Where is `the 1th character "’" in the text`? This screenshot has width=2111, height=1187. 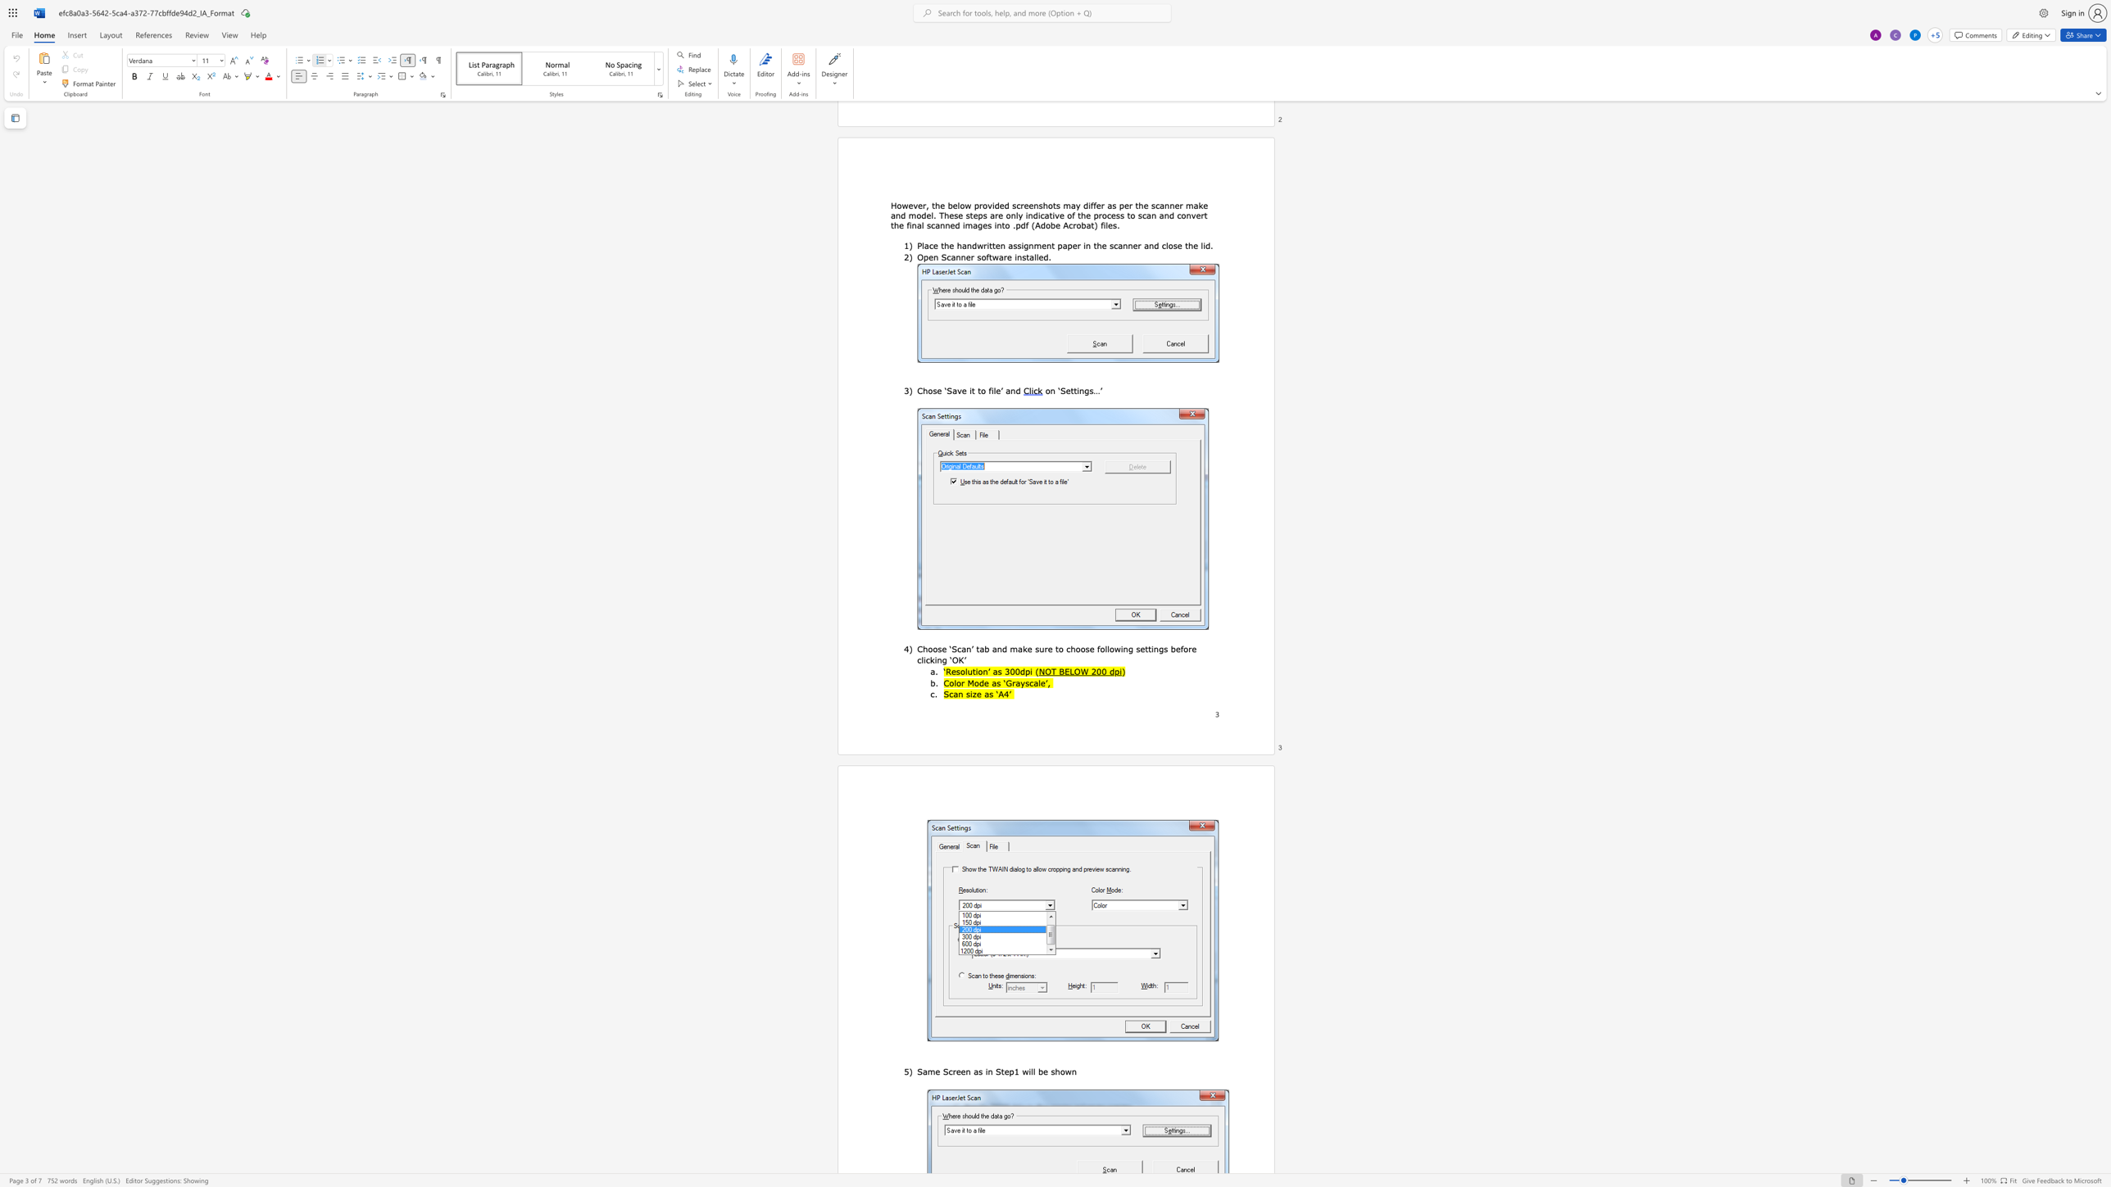 the 1th character "’" in the text is located at coordinates (973, 648).